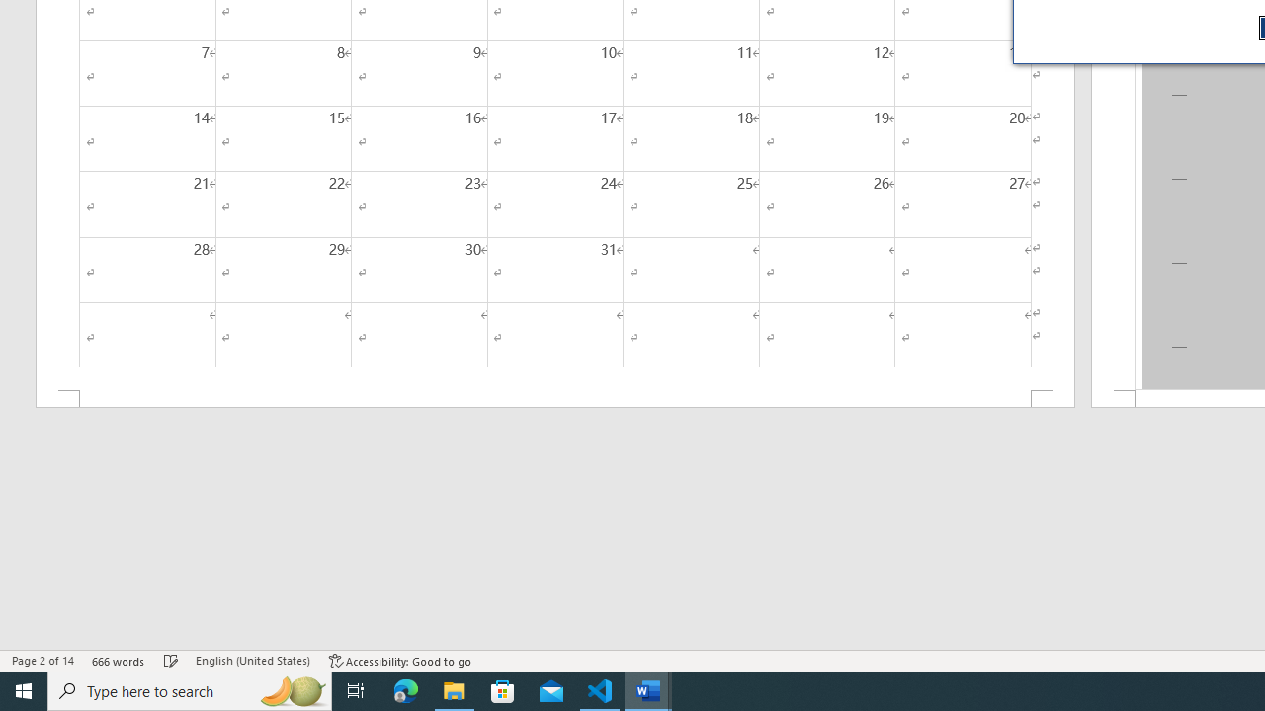 Image resolution: width=1265 pixels, height=711 pixels. What do you see at coordinates (190, 689) in the screenshot?
I see `'Type here to search'` at bounding box center [190, 689].